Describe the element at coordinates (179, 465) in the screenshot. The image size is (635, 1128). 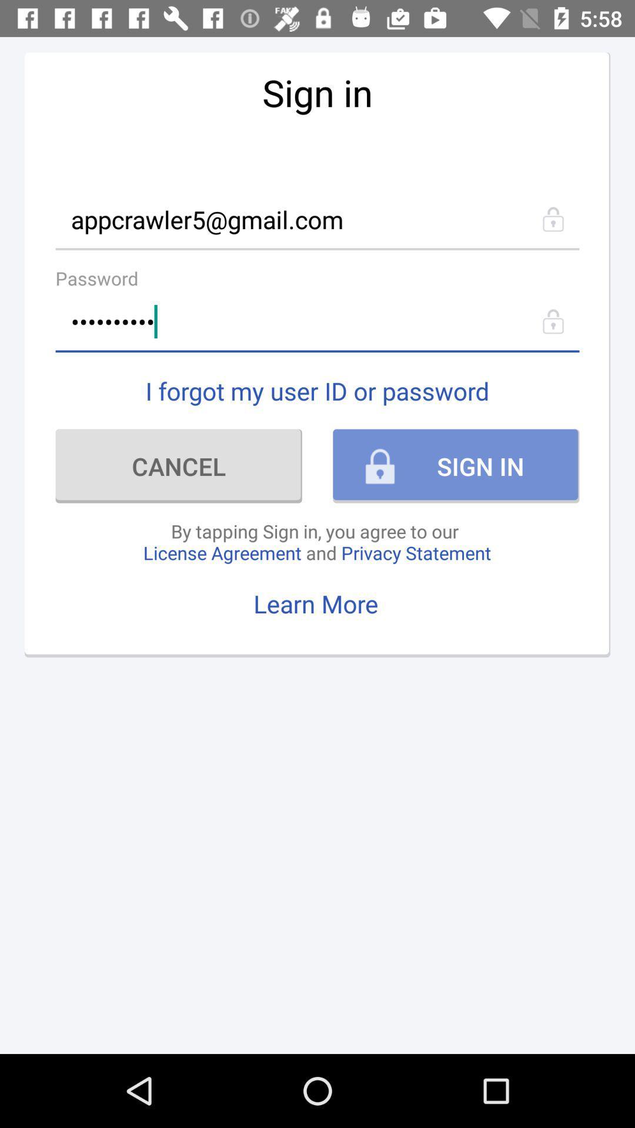
I see `the cancel on the left` at that location.